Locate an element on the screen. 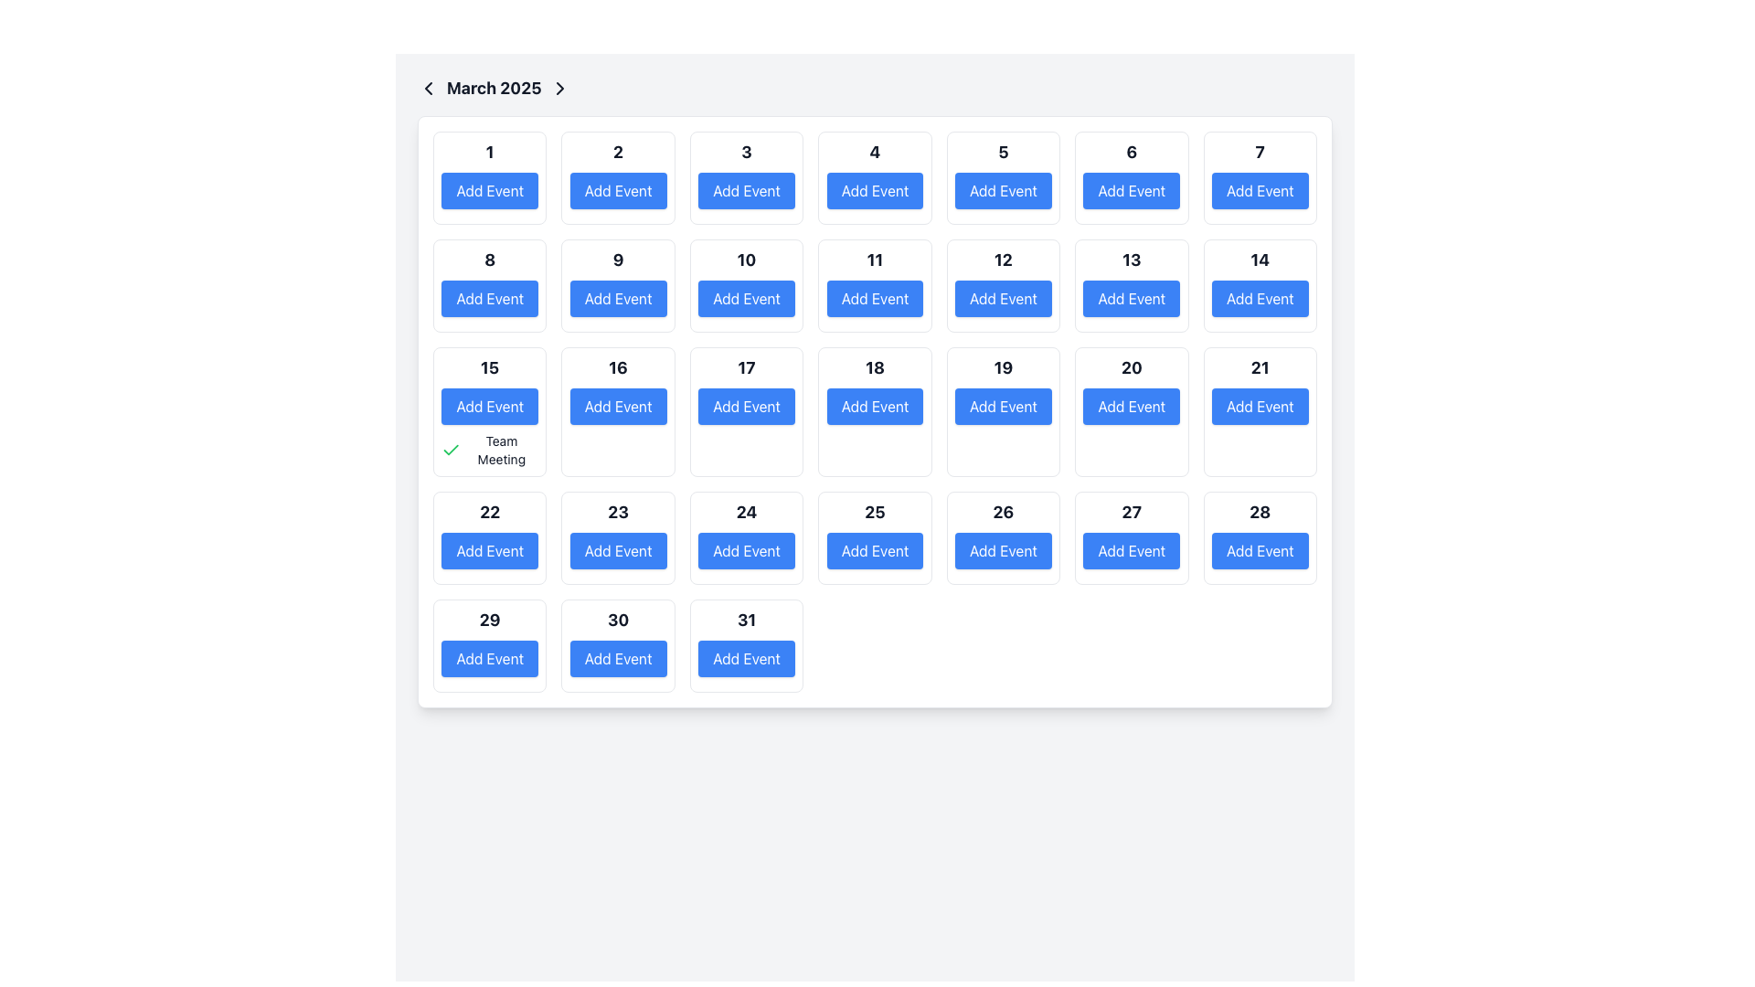 The height and width of the screenshot is (987, 1755). green checkmark icon located next to the 'Team Meeting' item on the calendar for March 15, 2025, to view additional details is located at coordinates (451, 450).